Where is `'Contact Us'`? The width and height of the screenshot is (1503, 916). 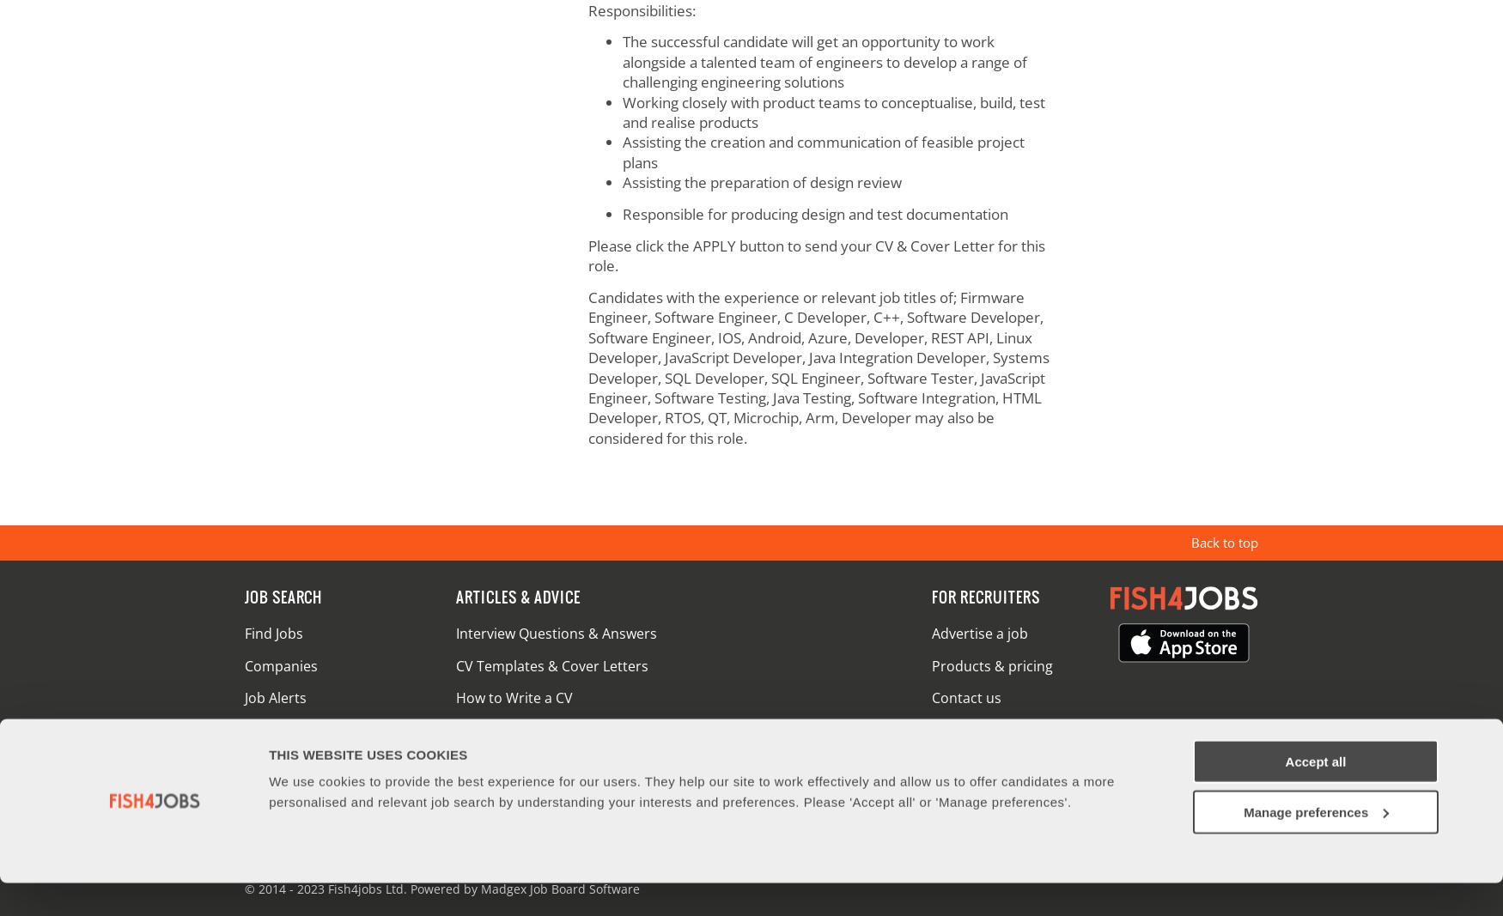
'Contact Us' is located at coordinates (349, 856).